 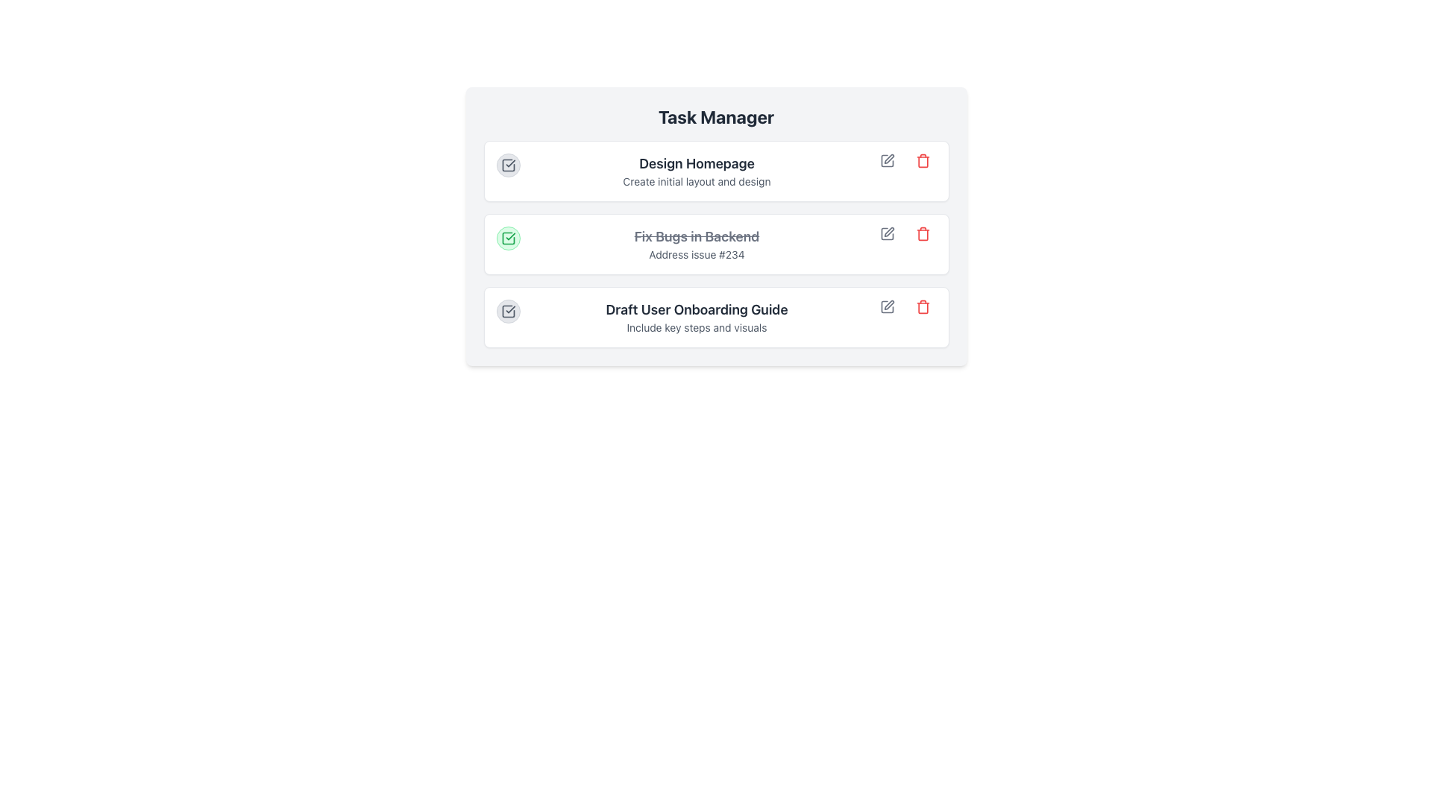 I want to click on the Edit Icon (pen icon) located in the third task card labeled 'Draft User Onboarding Guide' to initiate edit mode, so click(x=887, y=306).